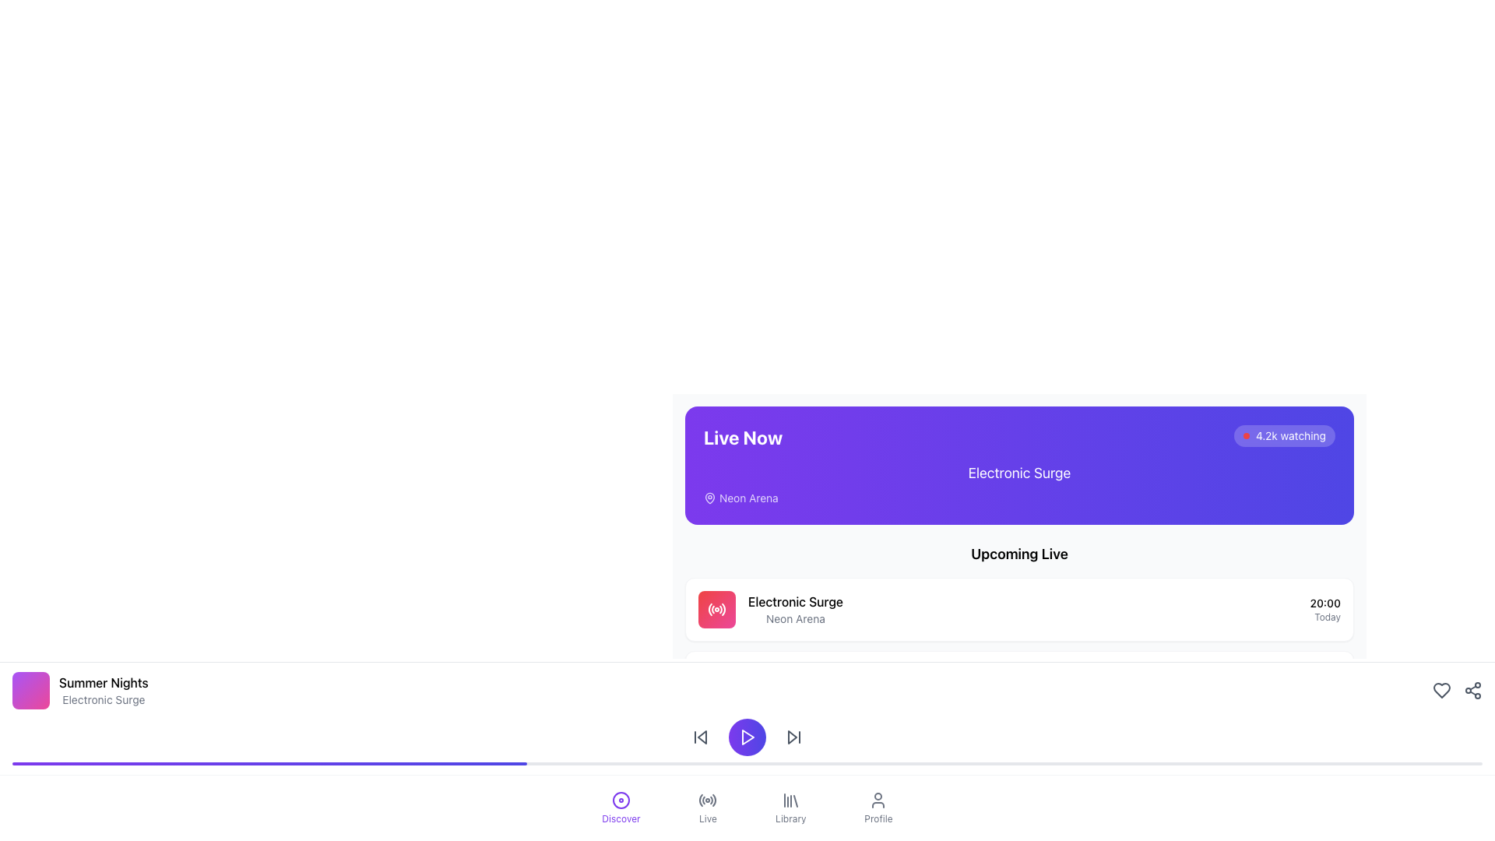  I want to click on the triangular-shaped button icon located in the control bar section, immediately to the left of the play button, so click(702, 737).